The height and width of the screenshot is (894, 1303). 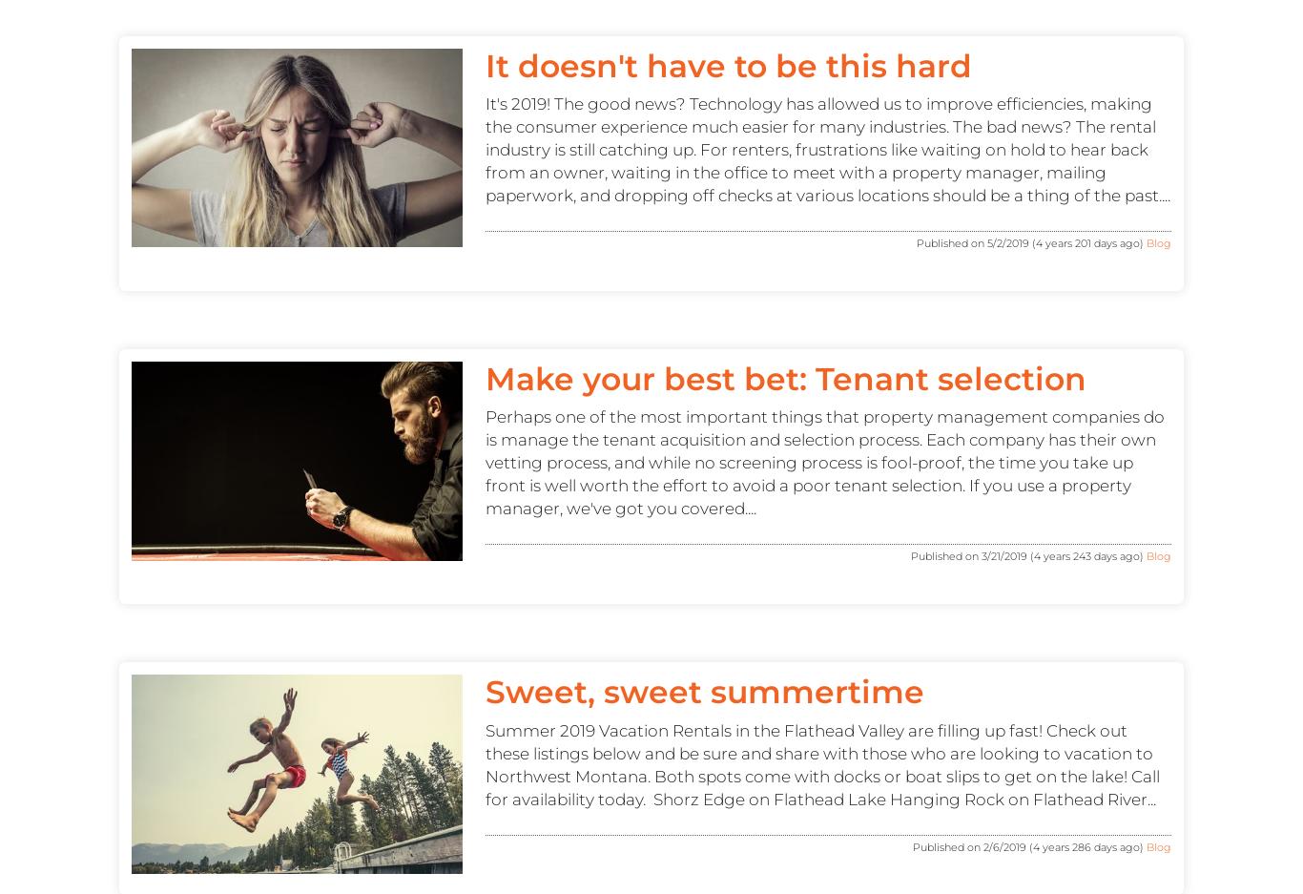 I want to click on 'by Website Express |', so click(x=728, y=361).